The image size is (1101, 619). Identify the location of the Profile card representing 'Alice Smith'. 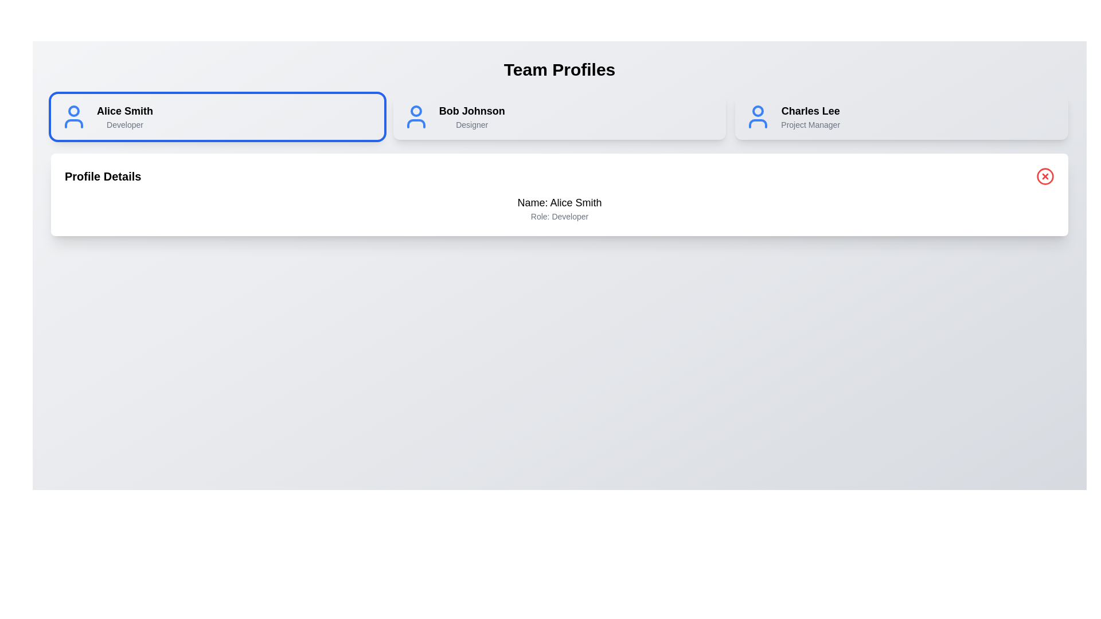
(217, 117).